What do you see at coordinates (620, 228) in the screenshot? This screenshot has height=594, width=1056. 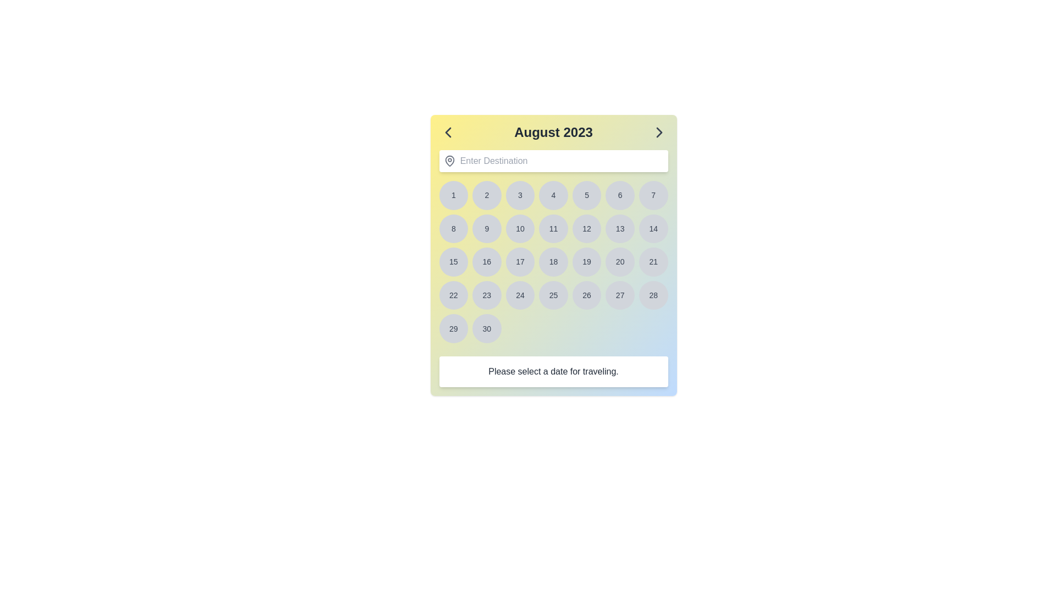 I see `the circular button with a light gray background and the number '13' in black text` at bounding box center [620, 228].